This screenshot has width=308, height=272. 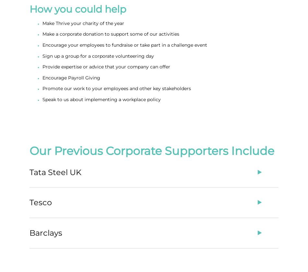 What do you see at coordinates (116, 89) in the screenshot?
I see `'Promote our work to your employees and other key stakeholders'` at bounding box center [116, 89].